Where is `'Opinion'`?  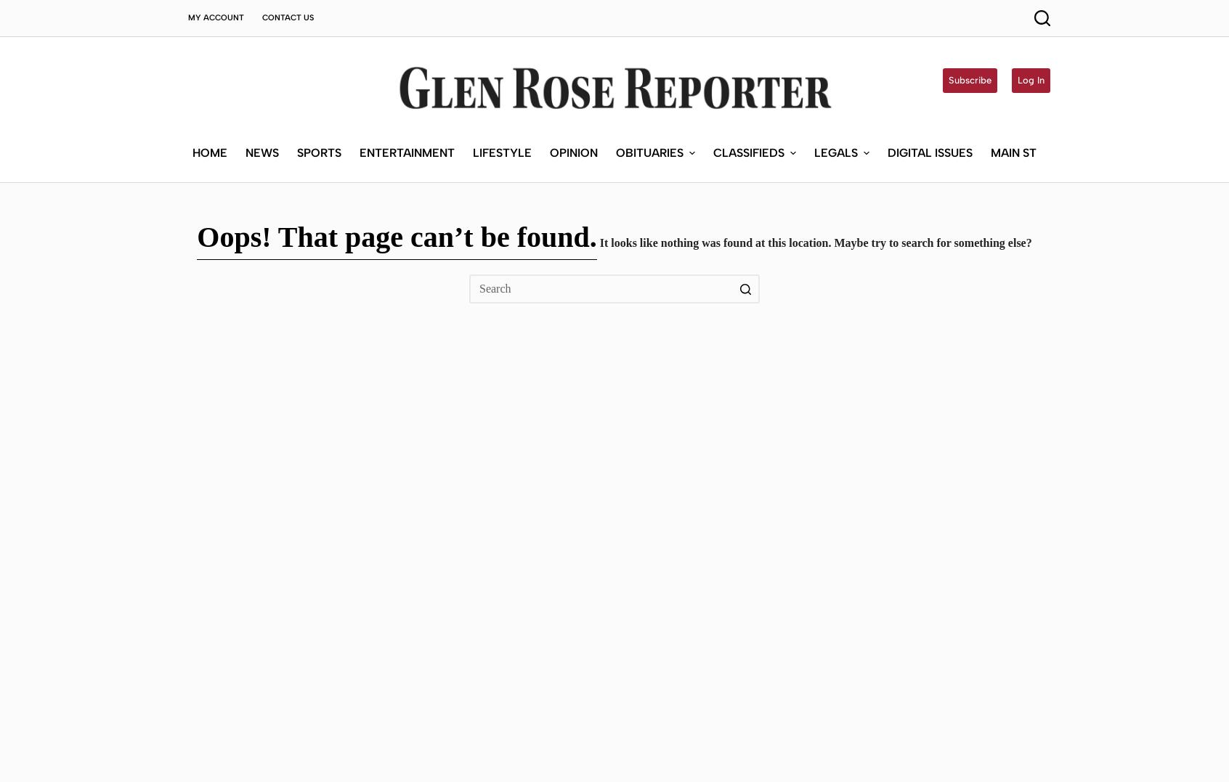 'Opinion' is located at coordinates (572, 41).